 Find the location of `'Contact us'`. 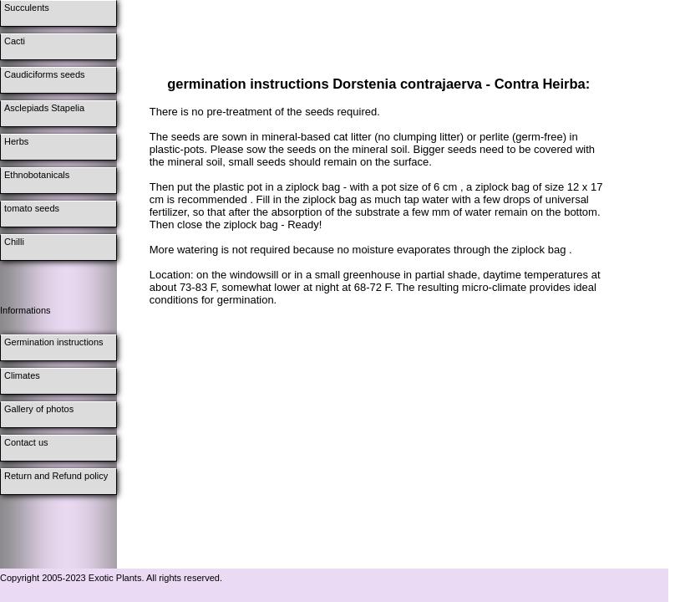

'Contact us' is located at coordinates (25, 441).